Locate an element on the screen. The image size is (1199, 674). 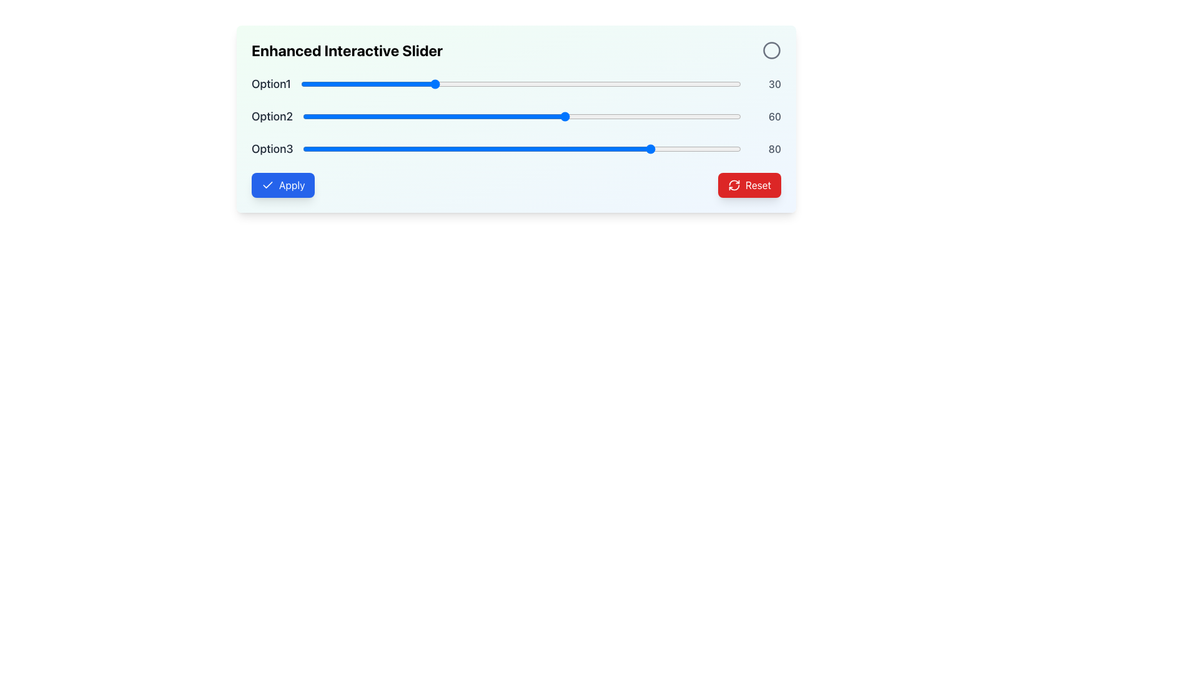
the reset action icon located within the red 'Reset' button at the bottom right of the panel interface is located at coordinates (734, 185).